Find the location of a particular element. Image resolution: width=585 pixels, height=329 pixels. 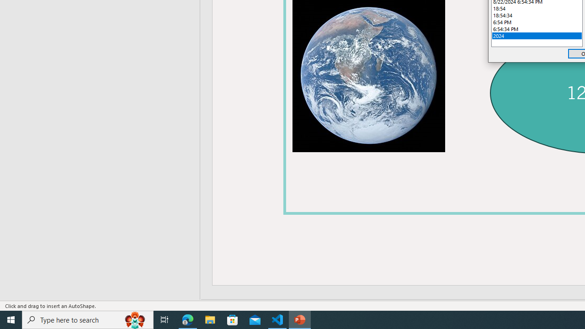

'2024' is located at coordinates (537, 35).